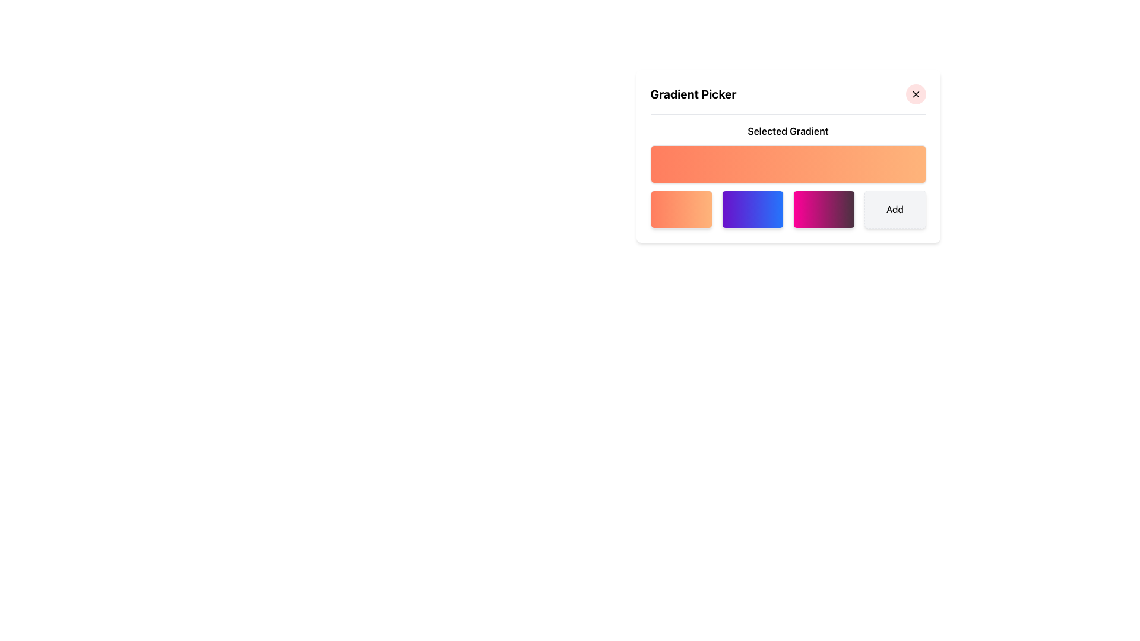 The height and width of the screenshot is (641, 1140). Describe the element at coordinates (895, 209) in the screenshot. I see `the button located in the bottom-right corner of the grid` at that location.